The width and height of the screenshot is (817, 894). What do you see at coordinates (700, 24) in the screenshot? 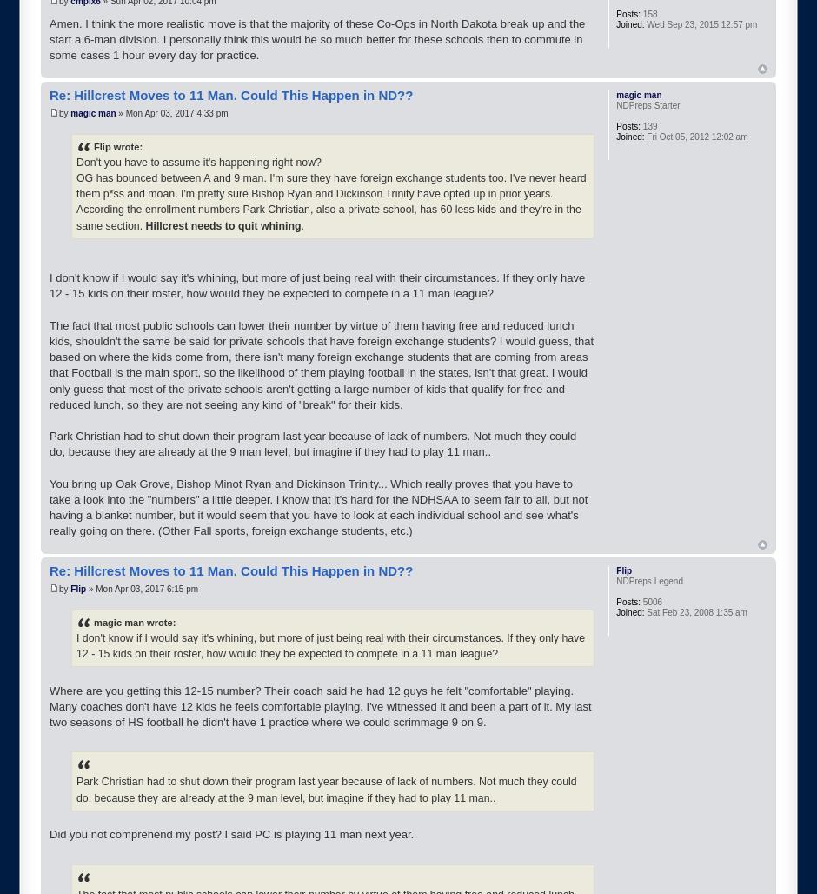
I see `'Wed Sep 23, 2015 12:57 pm'` at bounding box center [700, 24].